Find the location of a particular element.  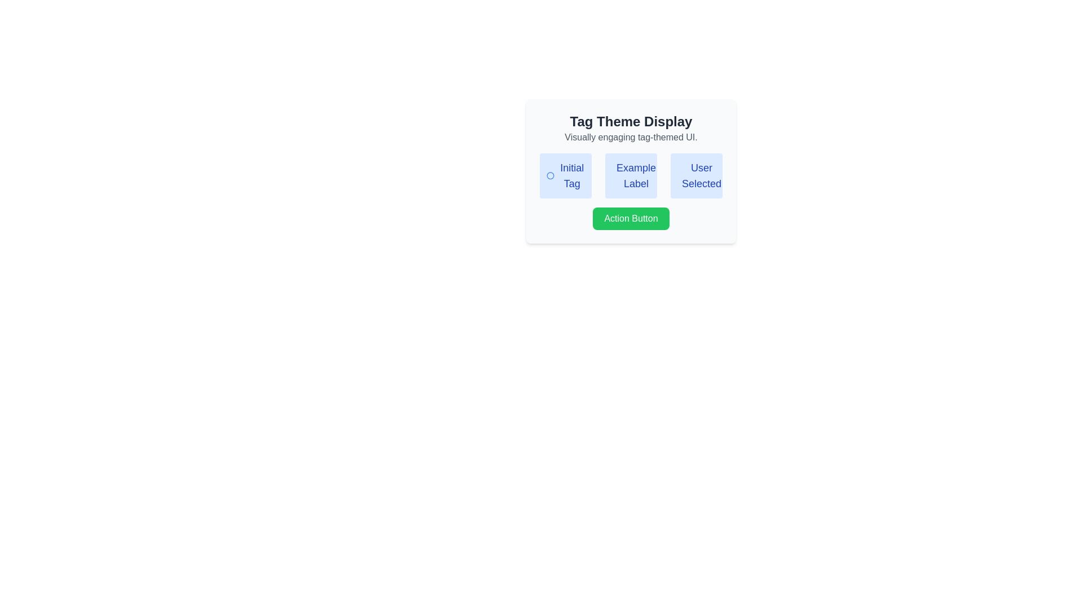

the second tag in a row of three tags within a grid layout, which serves as a static label for identifying or grouping data, located above a green-colored 'Action Button' is located at coordinates (630, 176).